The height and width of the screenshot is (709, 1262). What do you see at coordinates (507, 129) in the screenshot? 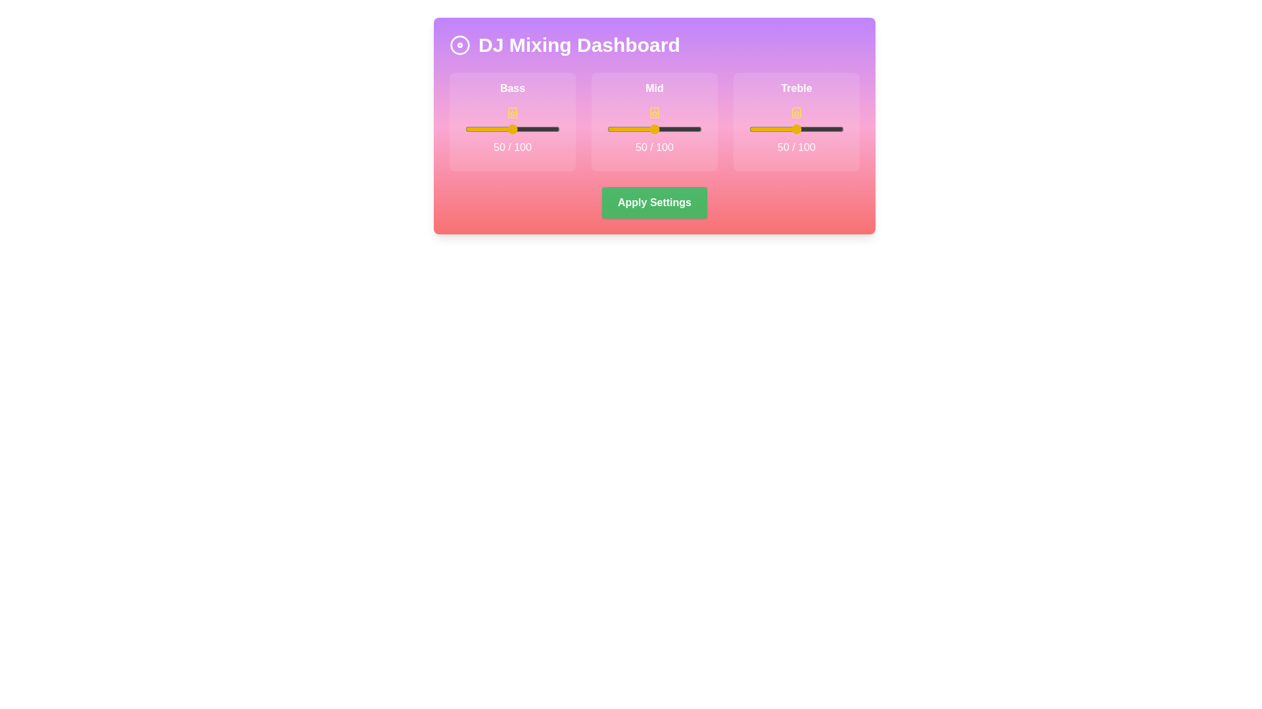
I see `the bass slider to set its value to 45` at bounding box center [507, 129].